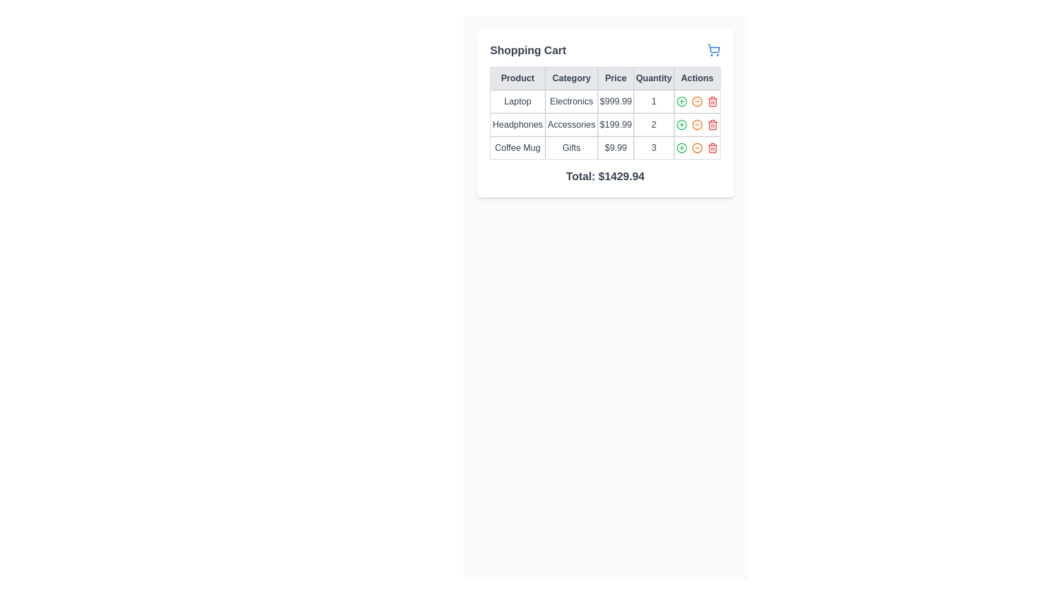 This screenshot has width=1061, height=597. I want to click on the circular button with an orange outline in the 'Actions' column of the second row corresponding to 'Headphones', so click(696, 124).